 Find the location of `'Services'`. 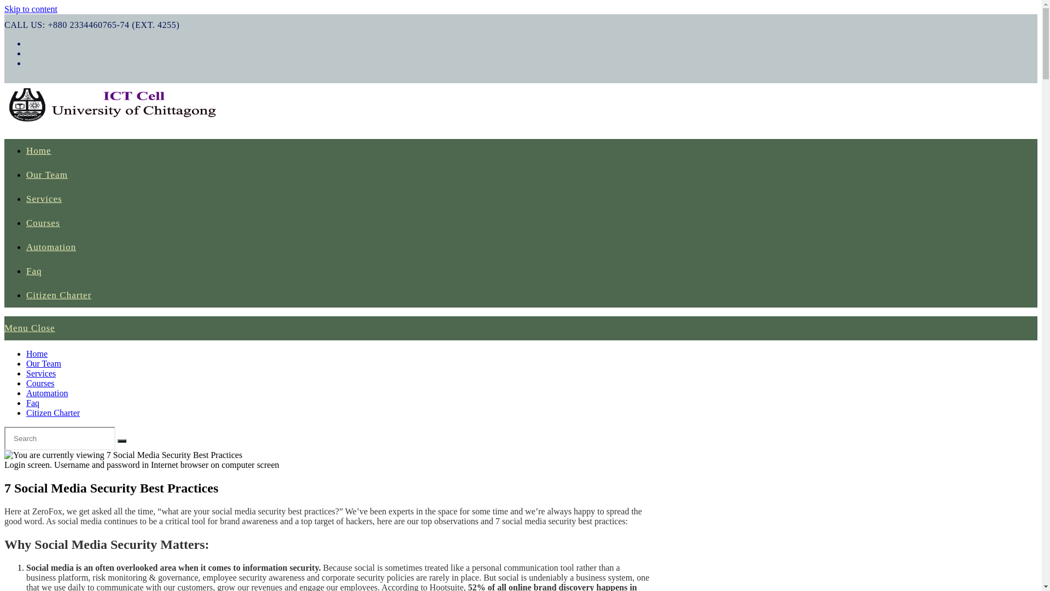

'Services' is located at coordinates (44, 199).